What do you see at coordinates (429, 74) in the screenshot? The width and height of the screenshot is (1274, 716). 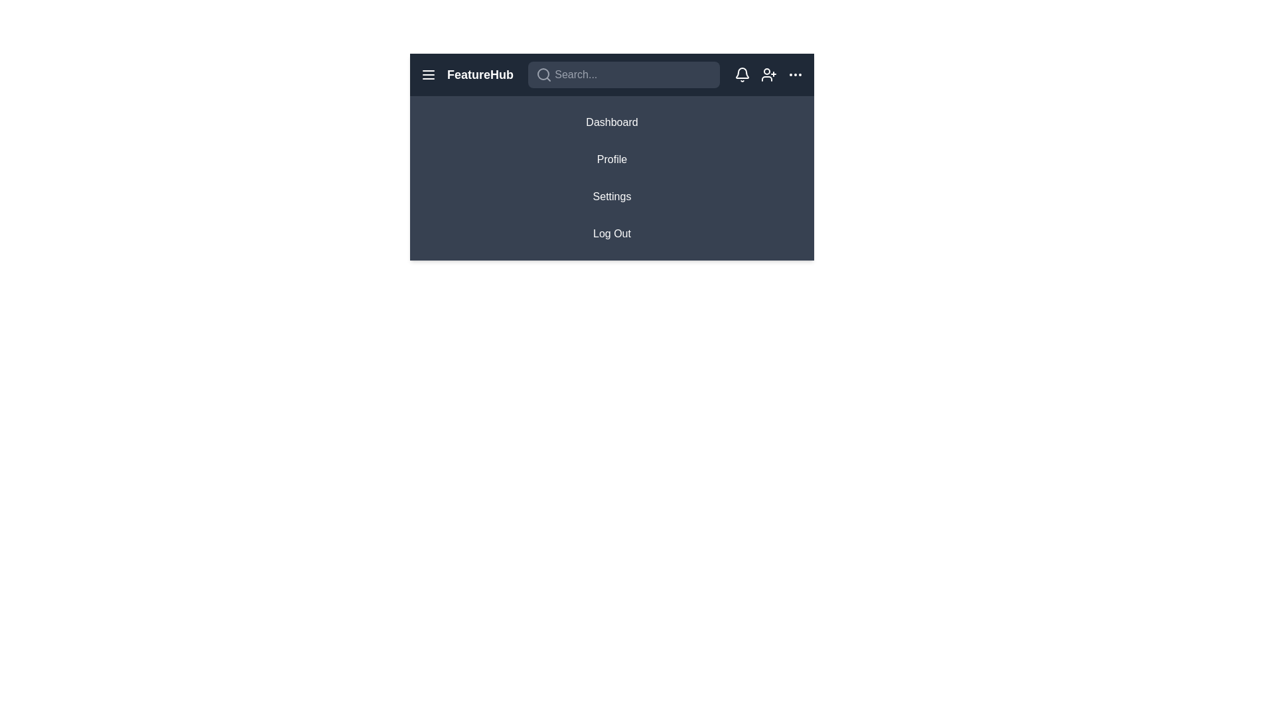 I see `the Hamburger Menu icon located at the top-left corner of the interface, which opens the sidebar or dropdown navigation menu` at bounding box center [429, 74].